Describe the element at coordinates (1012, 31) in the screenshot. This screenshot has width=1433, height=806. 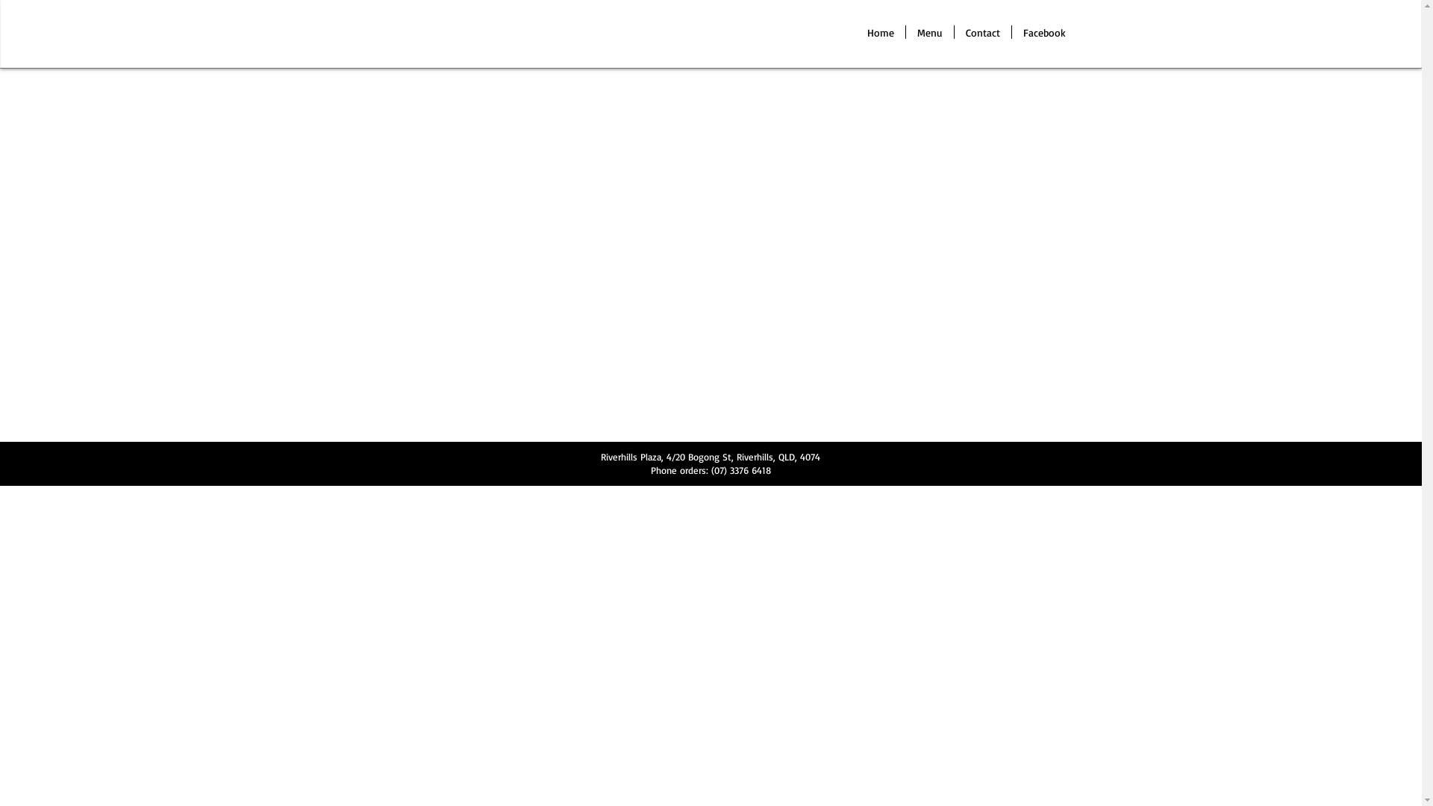
I see `'Facebook'` at that location.